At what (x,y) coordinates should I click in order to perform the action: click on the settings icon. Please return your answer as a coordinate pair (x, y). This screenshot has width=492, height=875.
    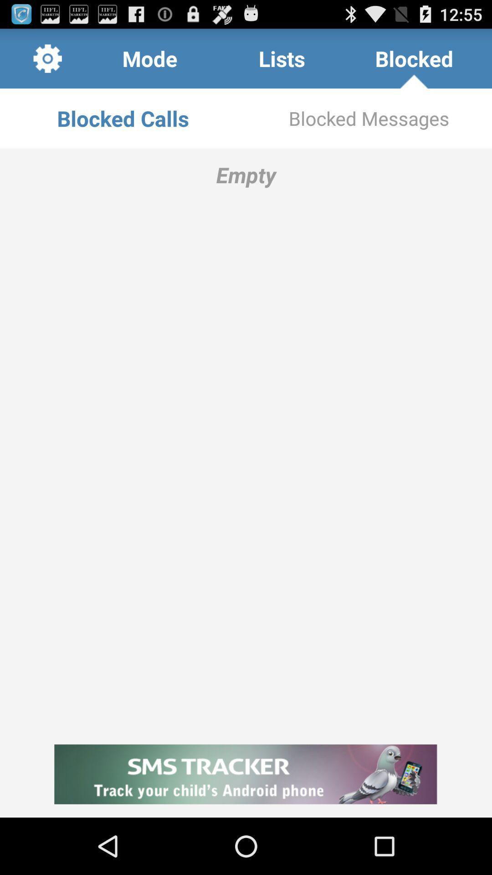
    Looking at the image, I should click on (47, 62).